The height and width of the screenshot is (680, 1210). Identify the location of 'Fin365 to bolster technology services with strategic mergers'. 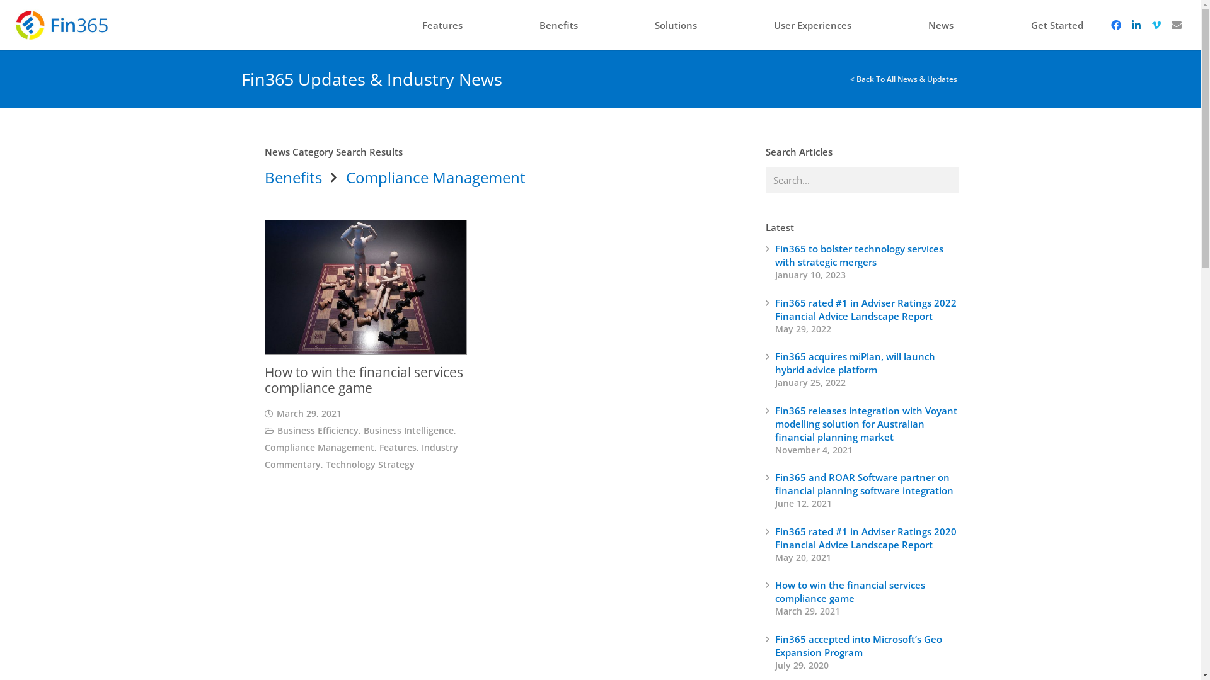
(858, 255).